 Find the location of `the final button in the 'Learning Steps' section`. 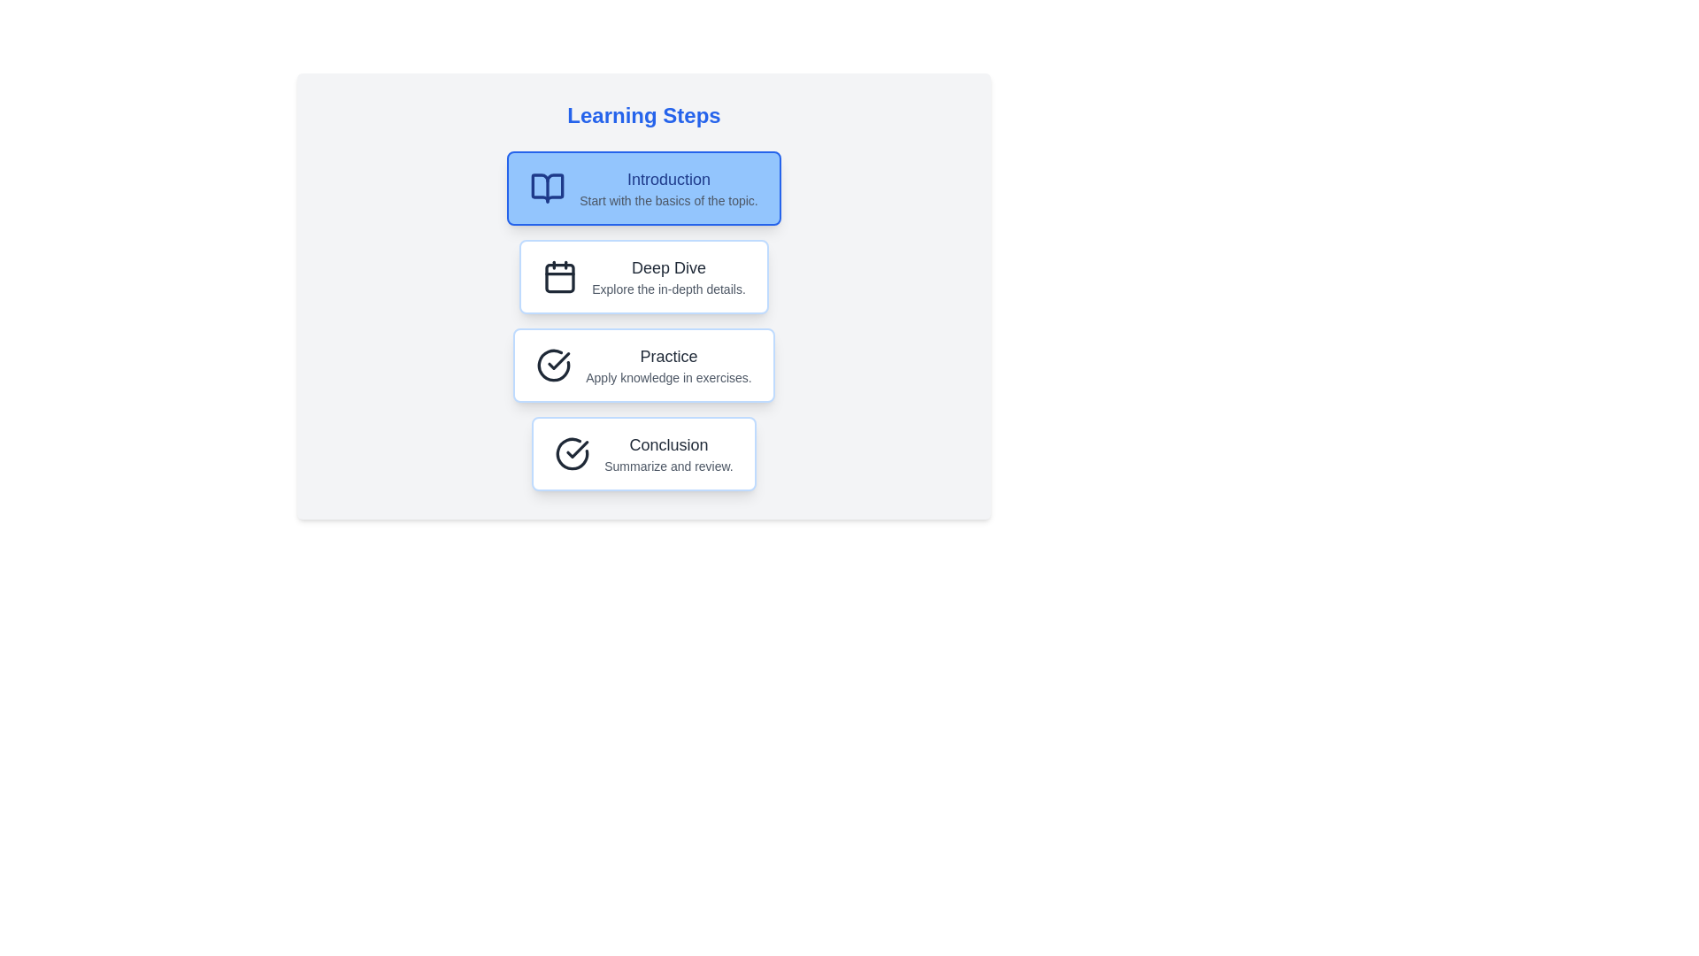

the final button in the 'Learning Steps' section is located at coordinates (667, 453).